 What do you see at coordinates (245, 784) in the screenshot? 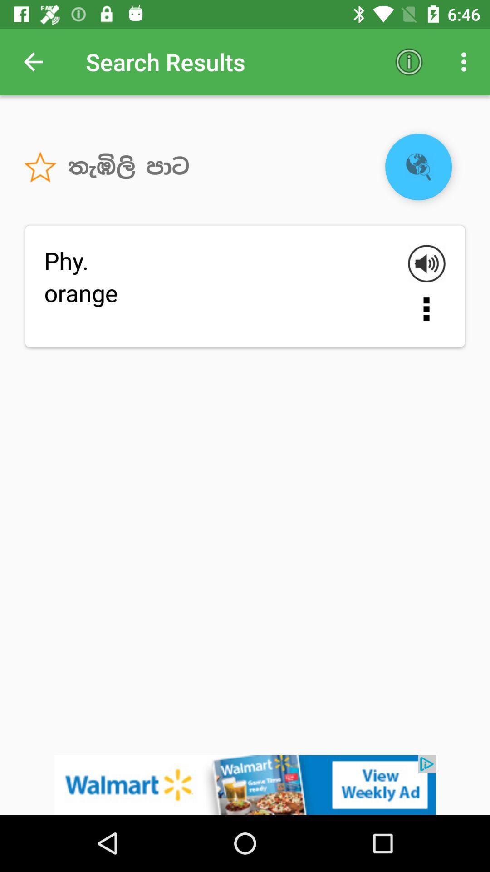
I see `open walmart advertisement` at bounding box center [245, 784].